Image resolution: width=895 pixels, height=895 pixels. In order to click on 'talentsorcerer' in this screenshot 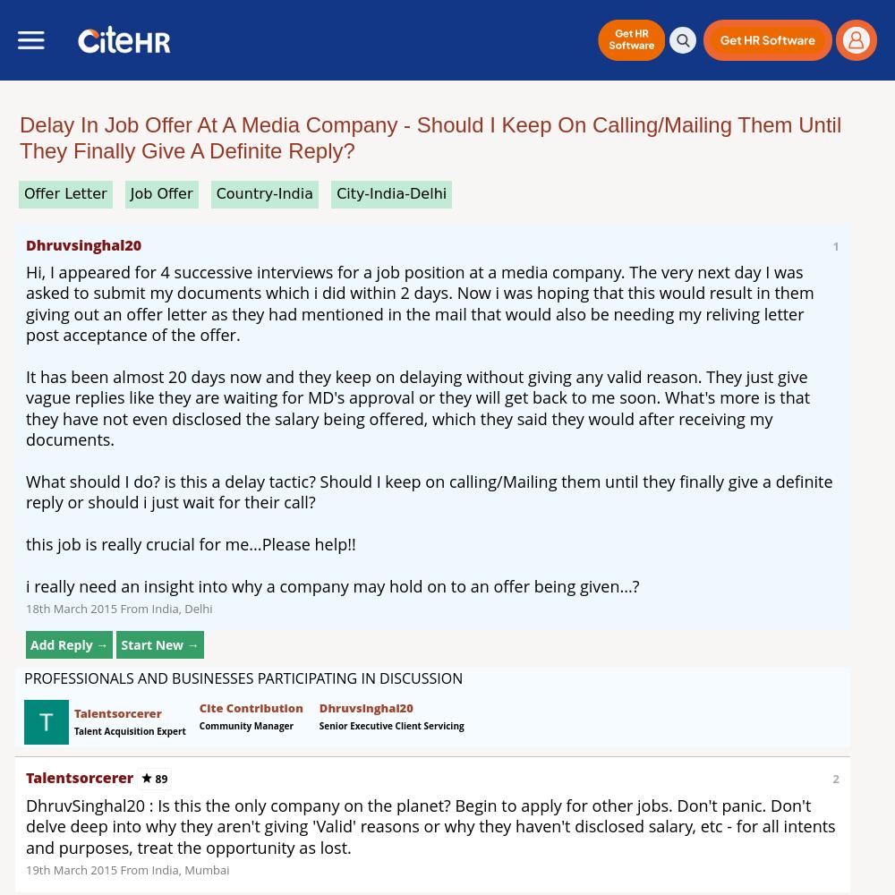, I will do `click(26, 776)`.